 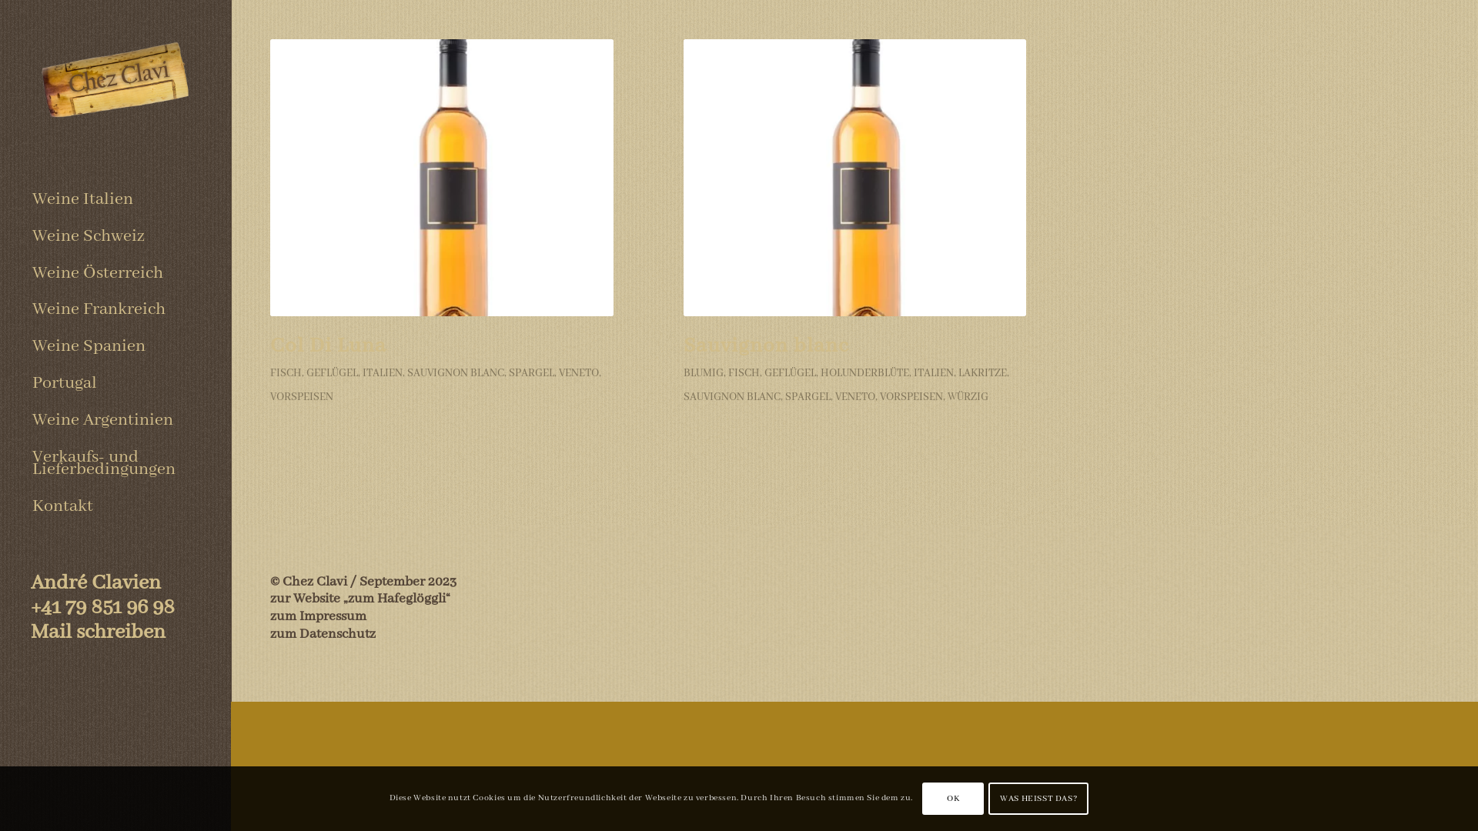 What do you see at coordinates (933, 373) in the screenshot?
I see `'ITALIEN'` at bounding box center [933, 373].